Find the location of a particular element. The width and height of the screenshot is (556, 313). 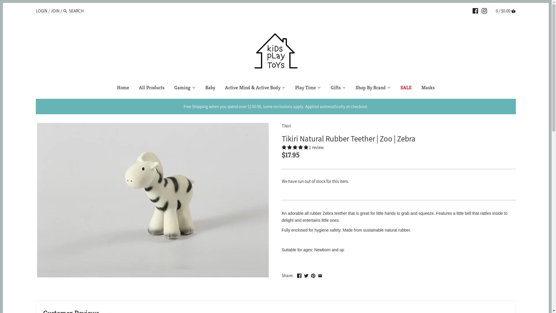

'Facebook' is located at coordinates (299, 274).